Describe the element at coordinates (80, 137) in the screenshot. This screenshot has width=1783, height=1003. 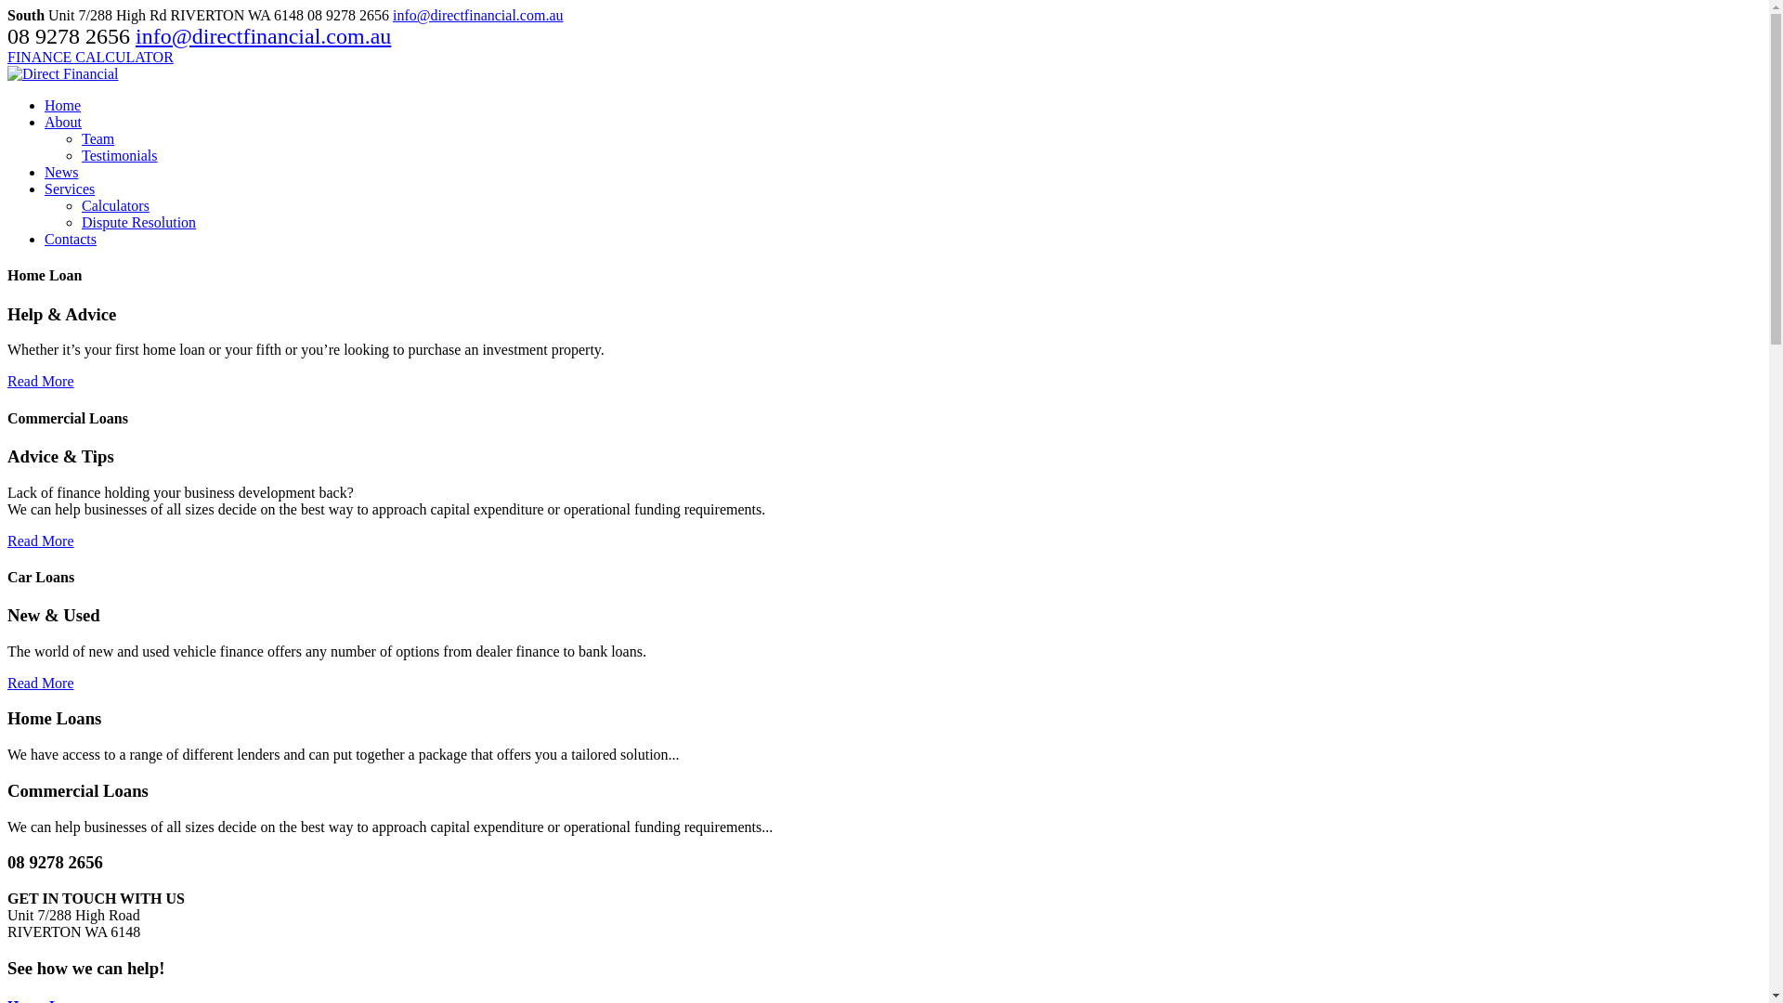
I see `'Team'` at that location.